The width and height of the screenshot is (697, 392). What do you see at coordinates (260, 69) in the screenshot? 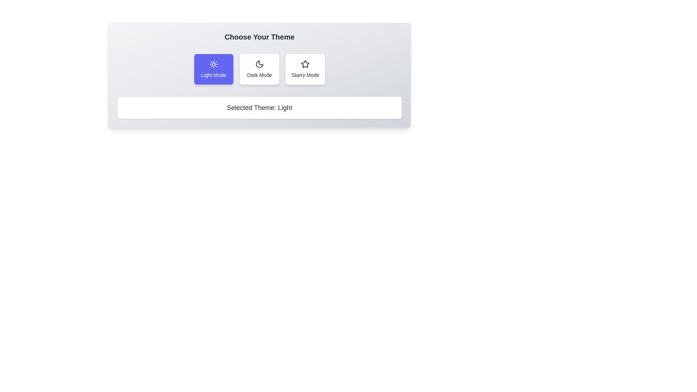
I see `the theme Dark Mode by clicking the corresponding button` at bounding box center [260, 69].